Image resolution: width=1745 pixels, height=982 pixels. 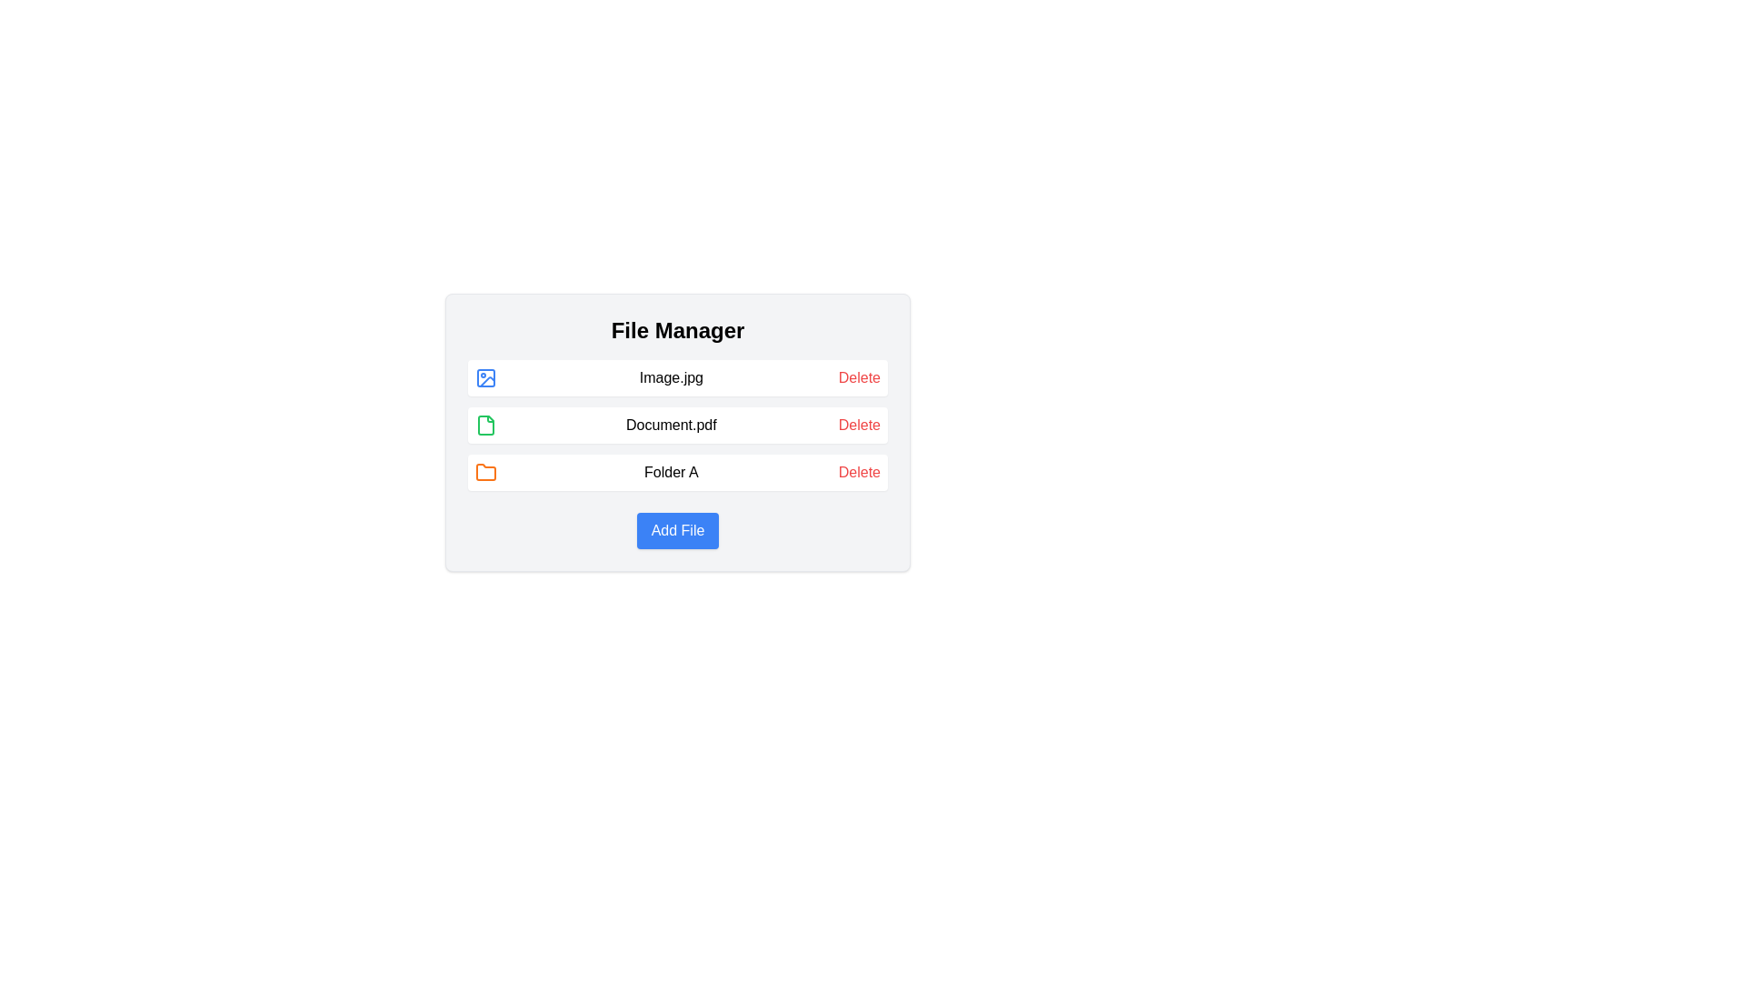 I want to click on the 'Delete' button associated with 'Folder A', so click(x=858, y=472).